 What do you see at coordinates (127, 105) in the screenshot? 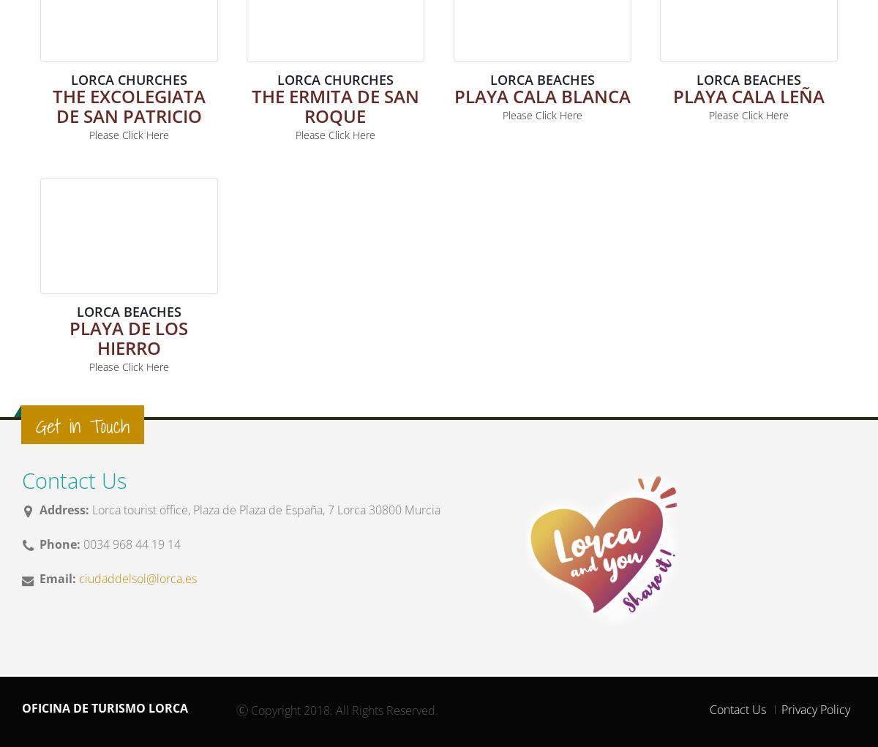
I see `'THE EXCOLEGIATA DE SAN PATRICIO'` at bounding box center [127, 105].